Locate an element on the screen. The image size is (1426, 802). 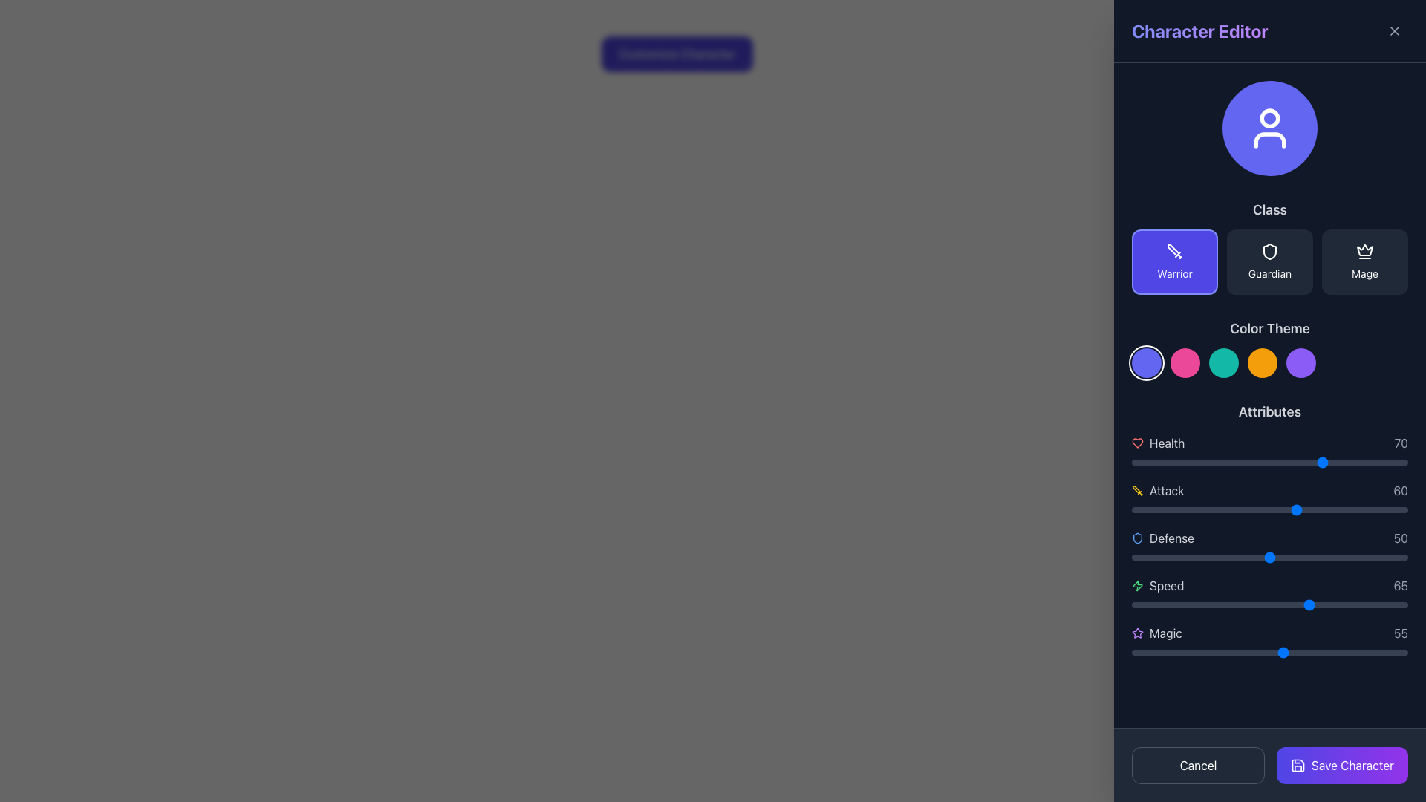
the yellow sword icon located to the left of the 'attack' text in the 'Attributes' section of the Character Editor interface is located at coordinates (1136, 490).